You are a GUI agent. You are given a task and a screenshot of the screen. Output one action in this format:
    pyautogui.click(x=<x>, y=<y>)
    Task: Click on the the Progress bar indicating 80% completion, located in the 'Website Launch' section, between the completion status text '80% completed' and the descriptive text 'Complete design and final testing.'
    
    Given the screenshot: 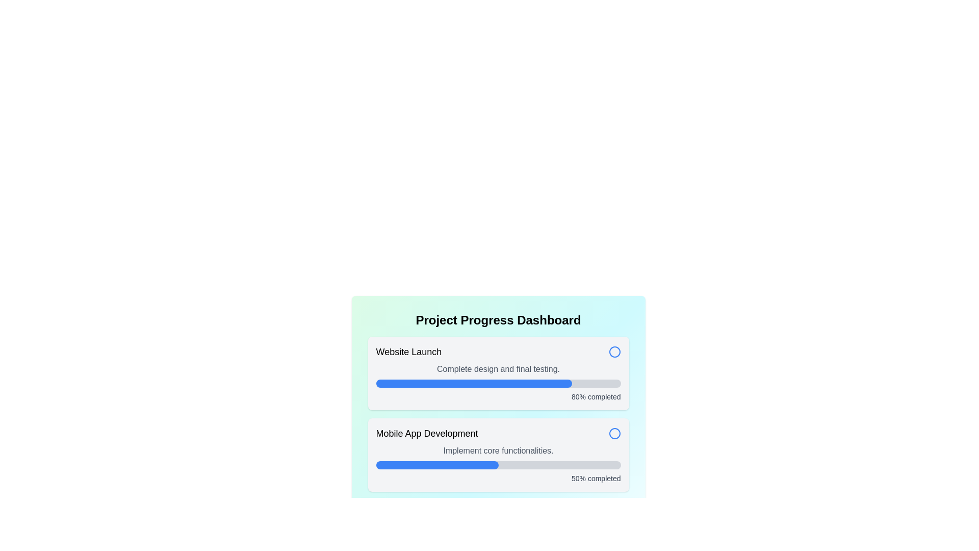 What is the action you would take?
    pyautogui.click(x=498, y=384)
    